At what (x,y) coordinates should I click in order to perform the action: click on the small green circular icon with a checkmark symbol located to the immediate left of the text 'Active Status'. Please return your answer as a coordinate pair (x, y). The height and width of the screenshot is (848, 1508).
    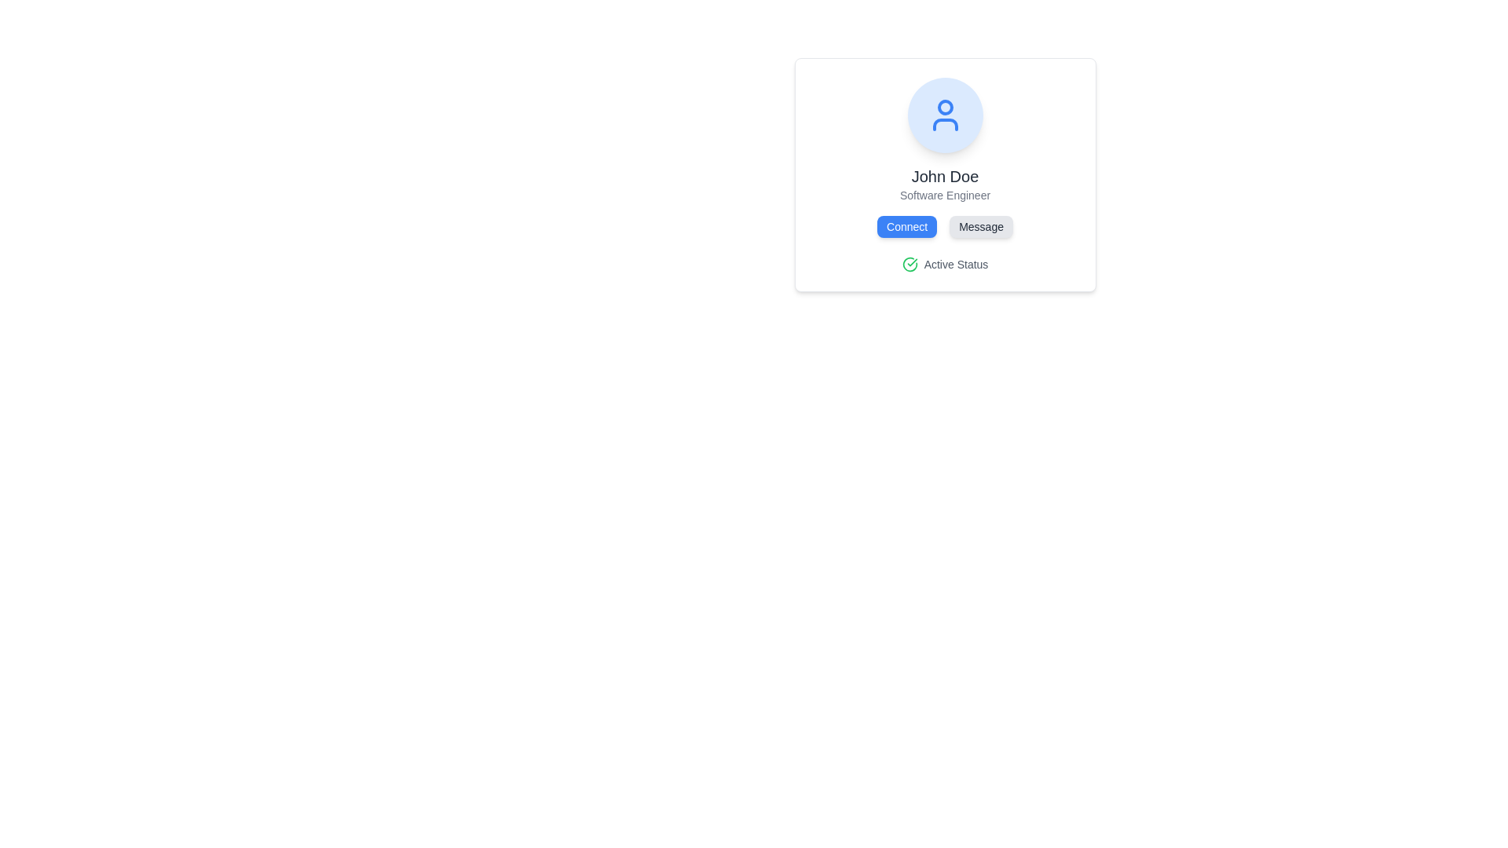
    Looking at the image, I should click on (910, 263).